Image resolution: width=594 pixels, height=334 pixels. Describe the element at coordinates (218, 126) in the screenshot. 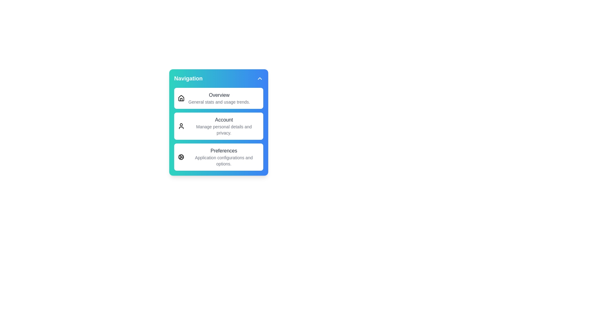

I see `the menu item labeled Account` at that location.